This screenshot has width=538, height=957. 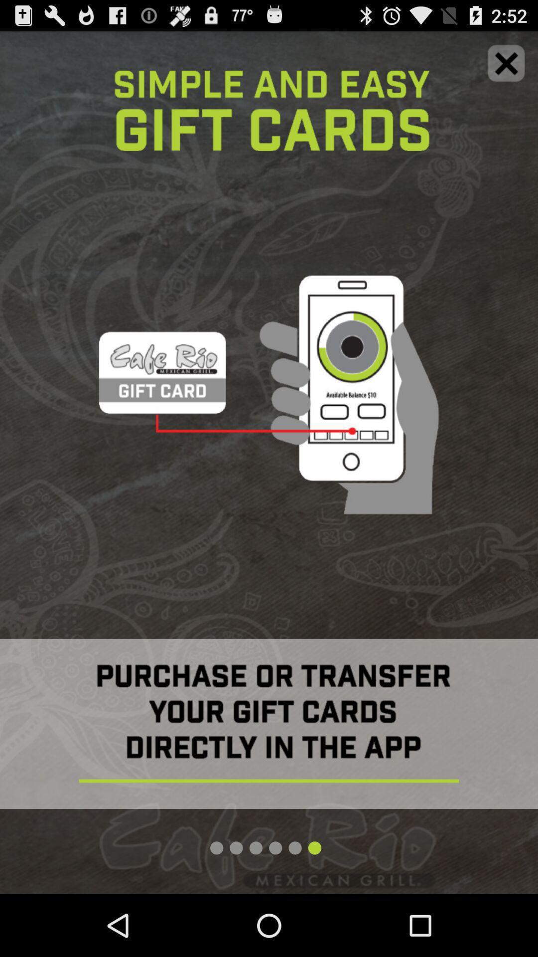 What do you see at coordinates (506, 62) in the screenshot?
I see `close` at bounding box center [506, 62].